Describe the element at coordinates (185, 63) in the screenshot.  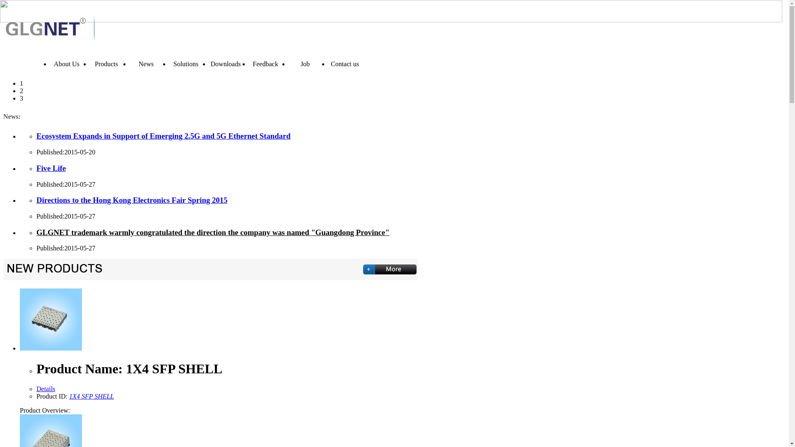
I see `'Solutions'` at that location.